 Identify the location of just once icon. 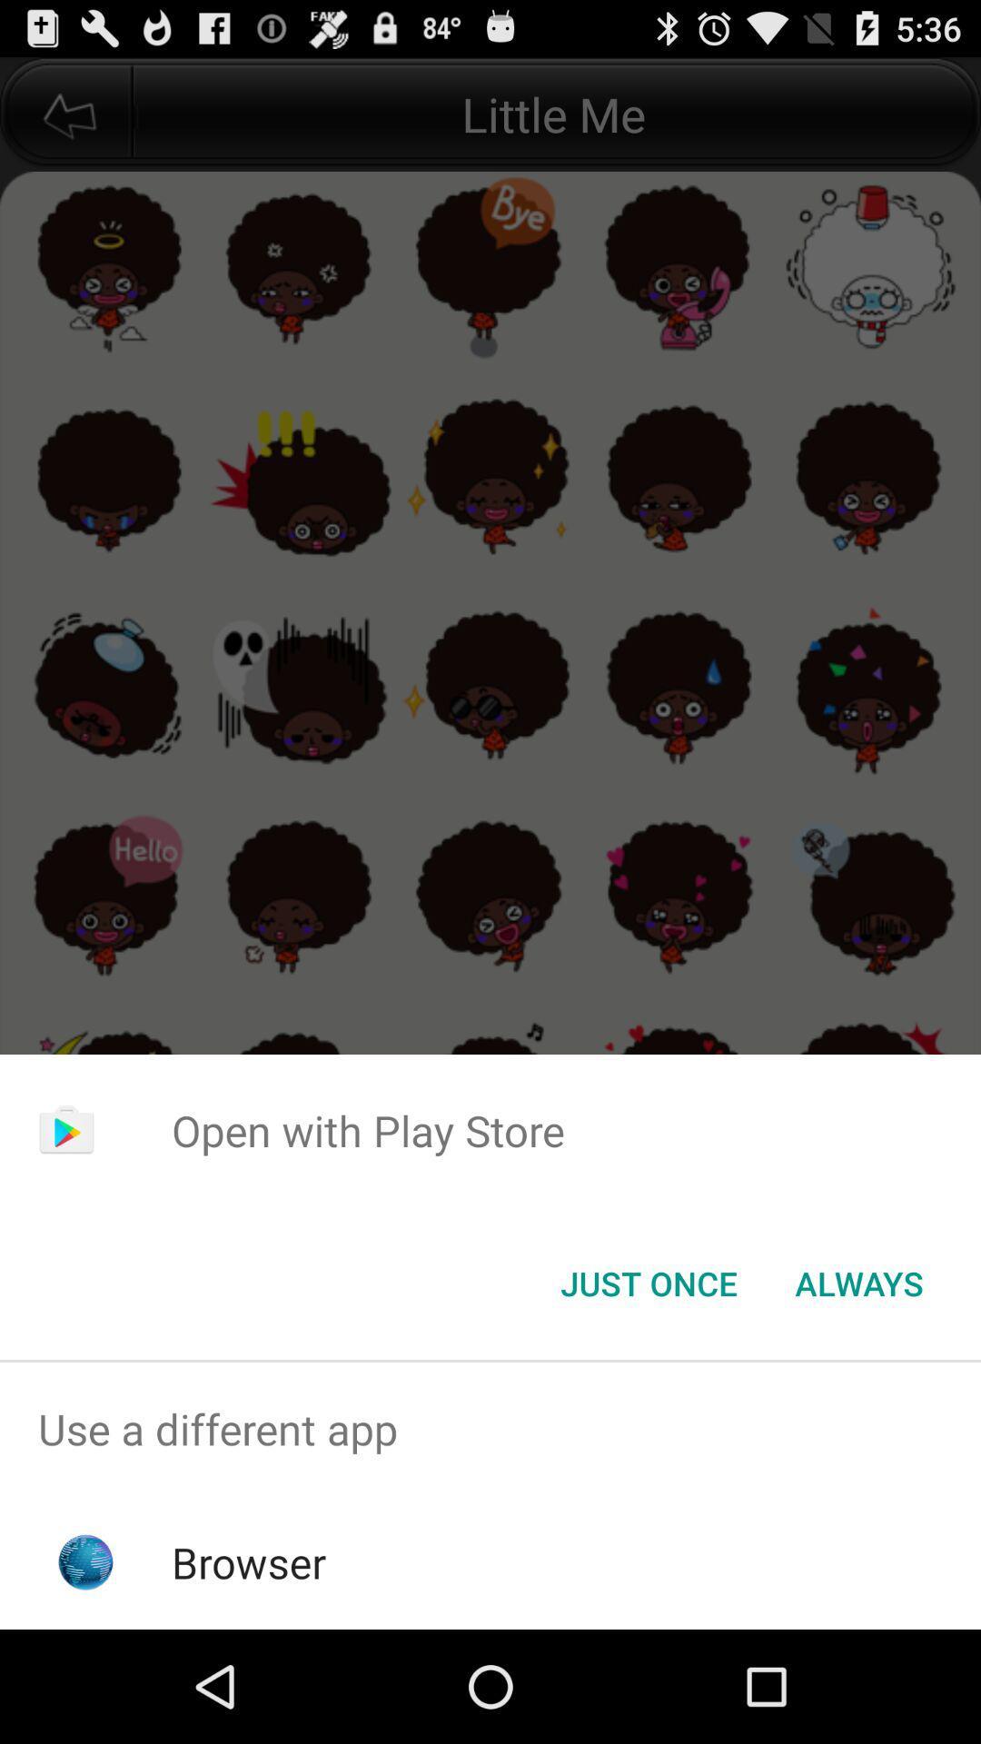
(648, 1282).